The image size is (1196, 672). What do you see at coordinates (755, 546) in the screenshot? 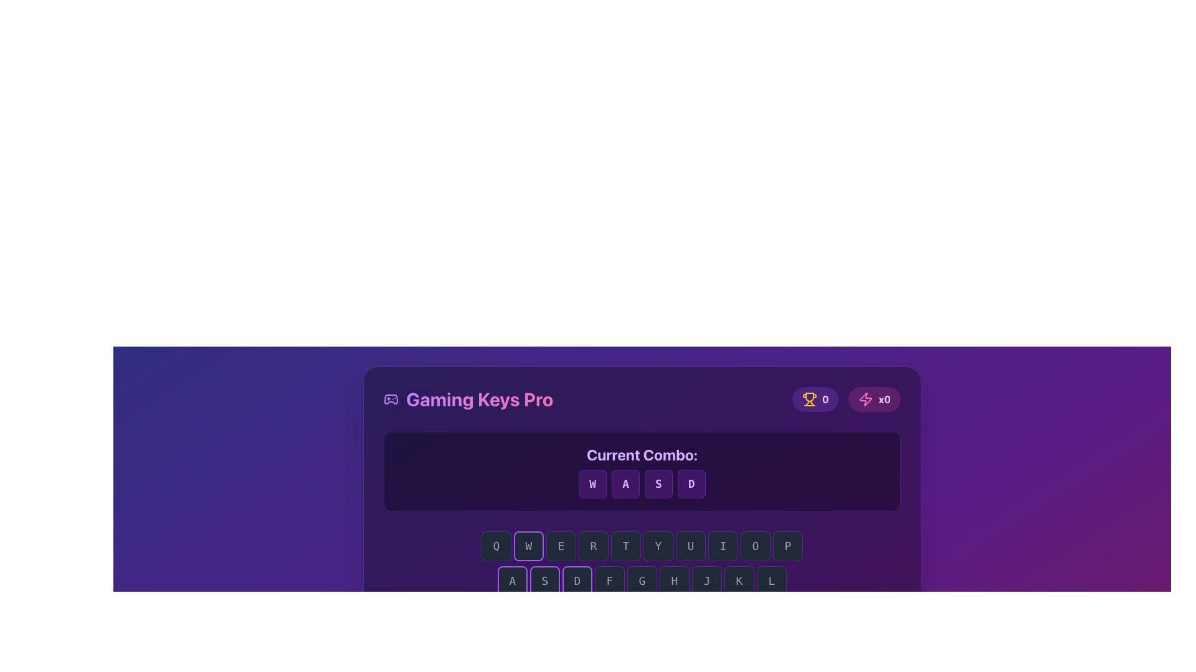
I see `the rounded rectangular button labeled 'O', which is styled in a dark theme with a gray background, to simulate pressing the 'O' key` at bounding box center [755, 546].